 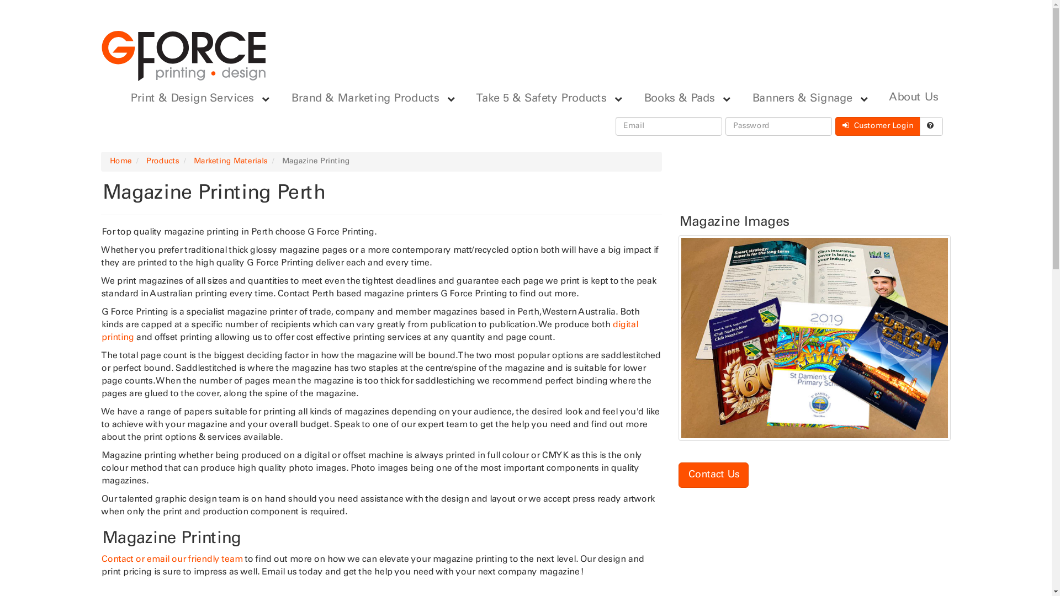 What do you see at coordinates (145, 161) in the screenshot?
I see `'Products'` at bounding box center [145, 161].